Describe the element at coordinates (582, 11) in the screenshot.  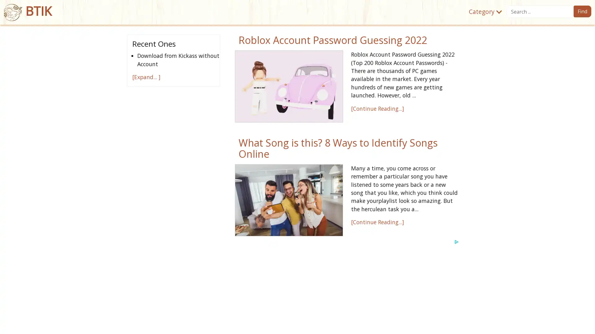
I see `Find` at that location.